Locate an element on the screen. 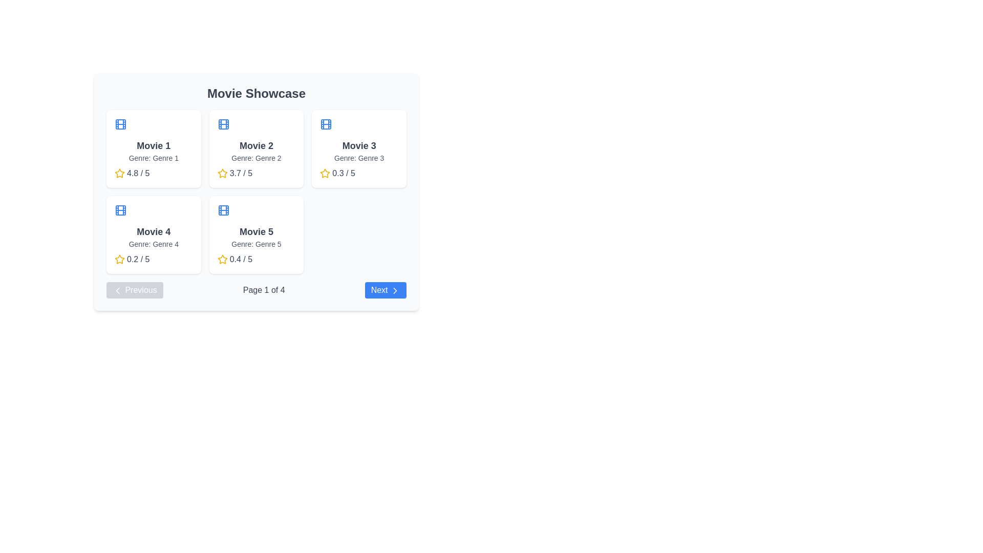  the graphical rectangle element located within the movie icon of 'Movie 2', situated in the top-left corner of the card titled 'Movie 2' is located at coordinates (223, 124).